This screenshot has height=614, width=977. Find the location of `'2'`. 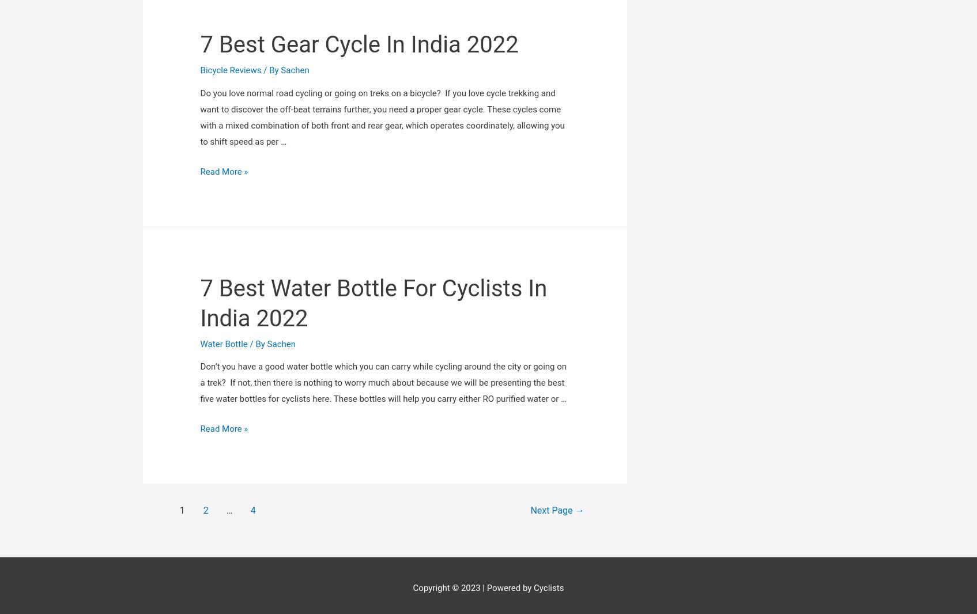

'2' is located at coordinates (205, 371).